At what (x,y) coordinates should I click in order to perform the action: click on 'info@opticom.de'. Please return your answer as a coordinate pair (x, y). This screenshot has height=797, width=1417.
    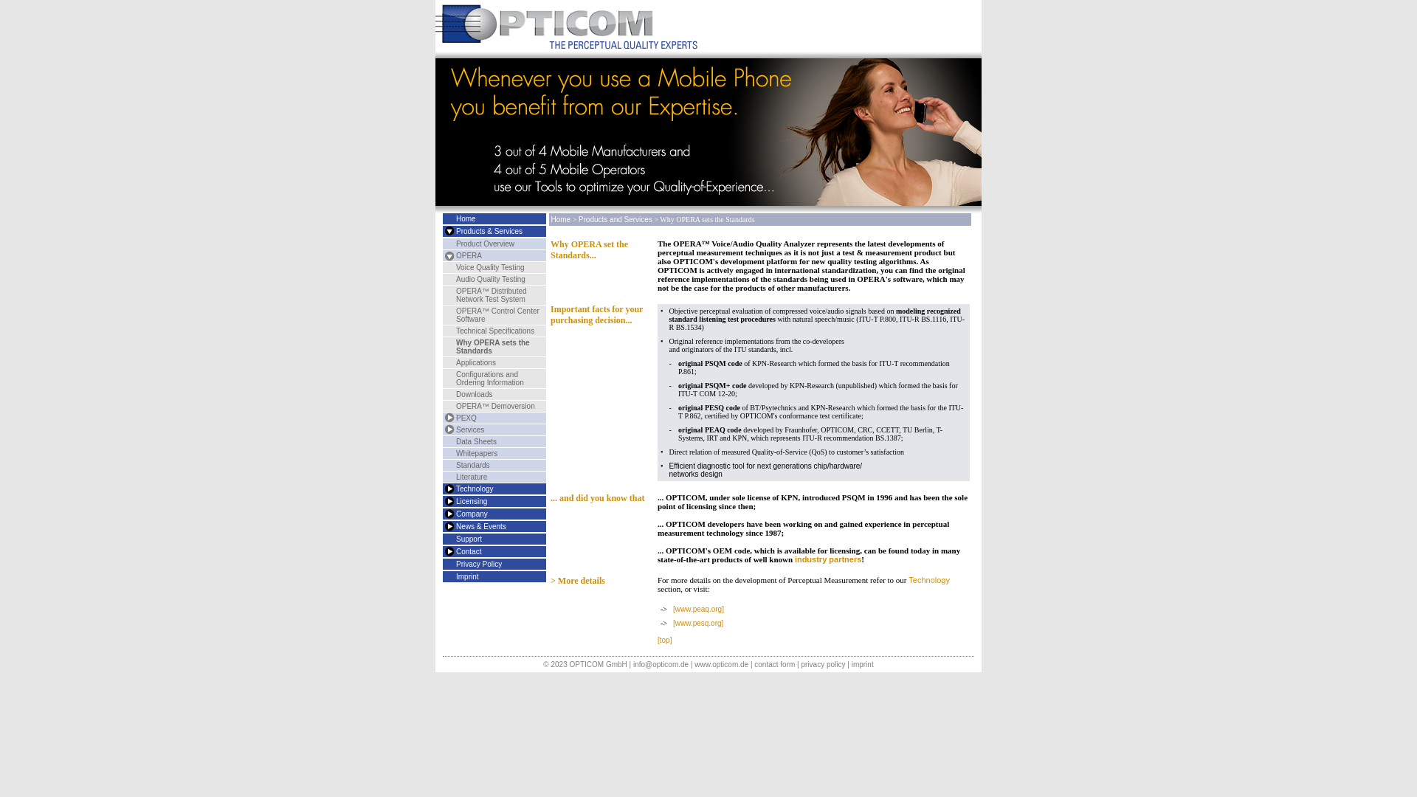
    Looking at the image, I should click on (633, 664).